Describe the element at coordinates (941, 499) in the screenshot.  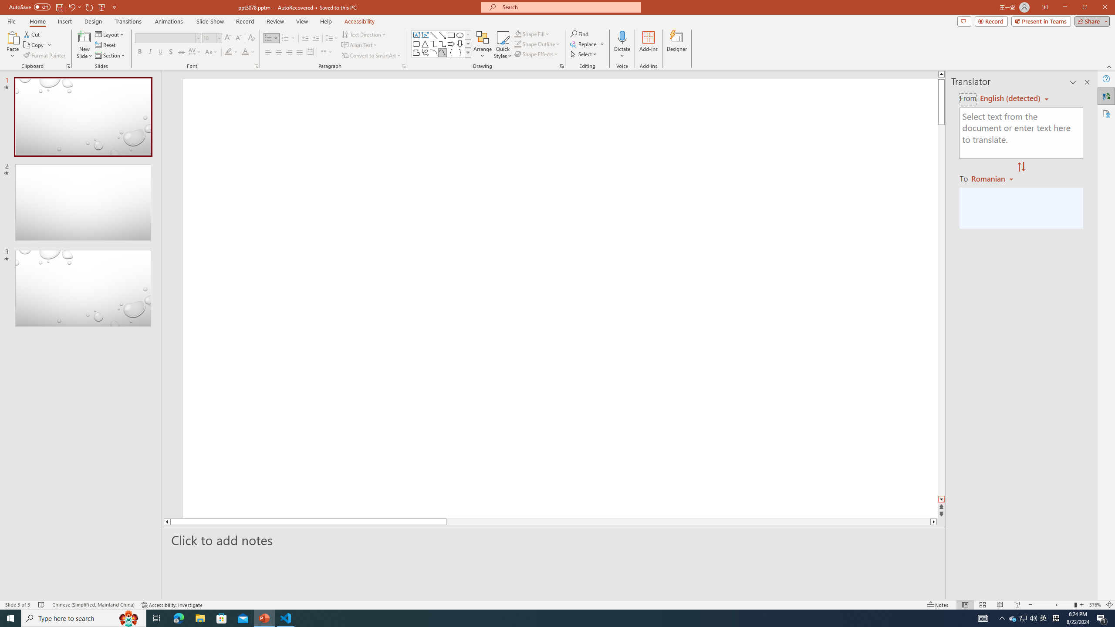
I see `'Line down'` at that location.